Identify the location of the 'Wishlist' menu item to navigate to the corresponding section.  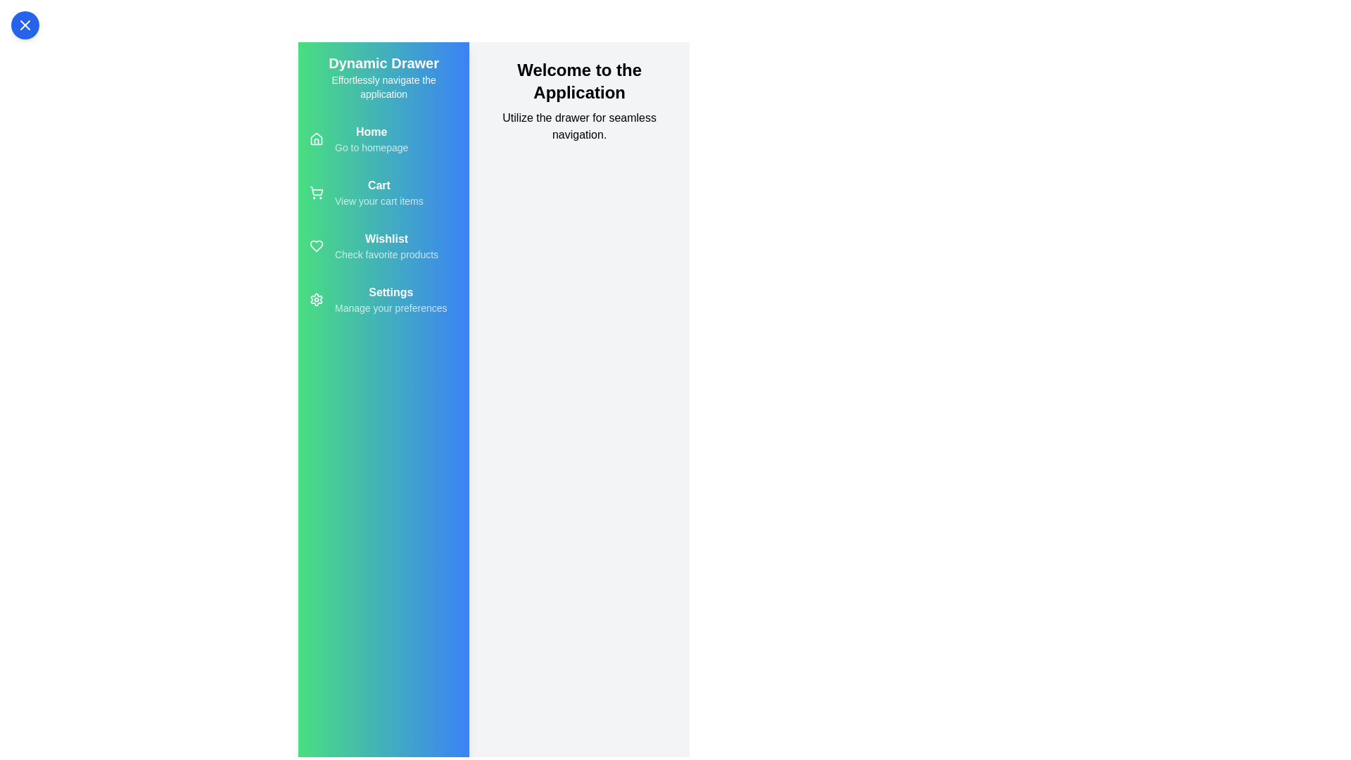
(386, 246).